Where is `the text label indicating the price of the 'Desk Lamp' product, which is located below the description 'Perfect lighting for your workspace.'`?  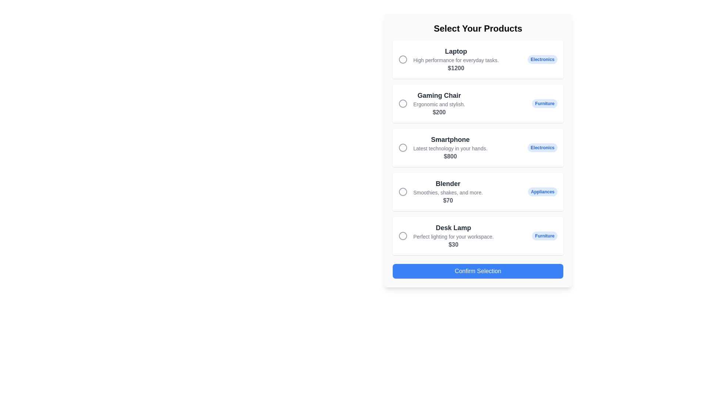 the text label indicating the price of the 'Desk Lamp' product, which is located below the description 'Perfect lighting for your workspace.' is located at coordinates (453, 244).